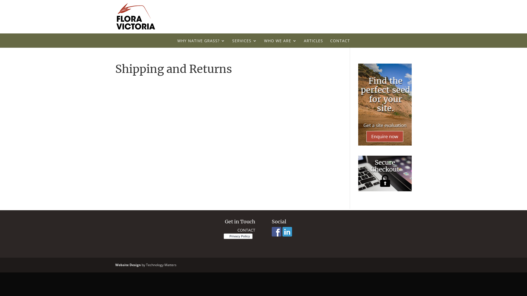 This screenshot has width=527, height=296. What do you see at coordinates (340, 43) in the screenshot?
I see `'CONTACT'` at bounding box center [340, 43].